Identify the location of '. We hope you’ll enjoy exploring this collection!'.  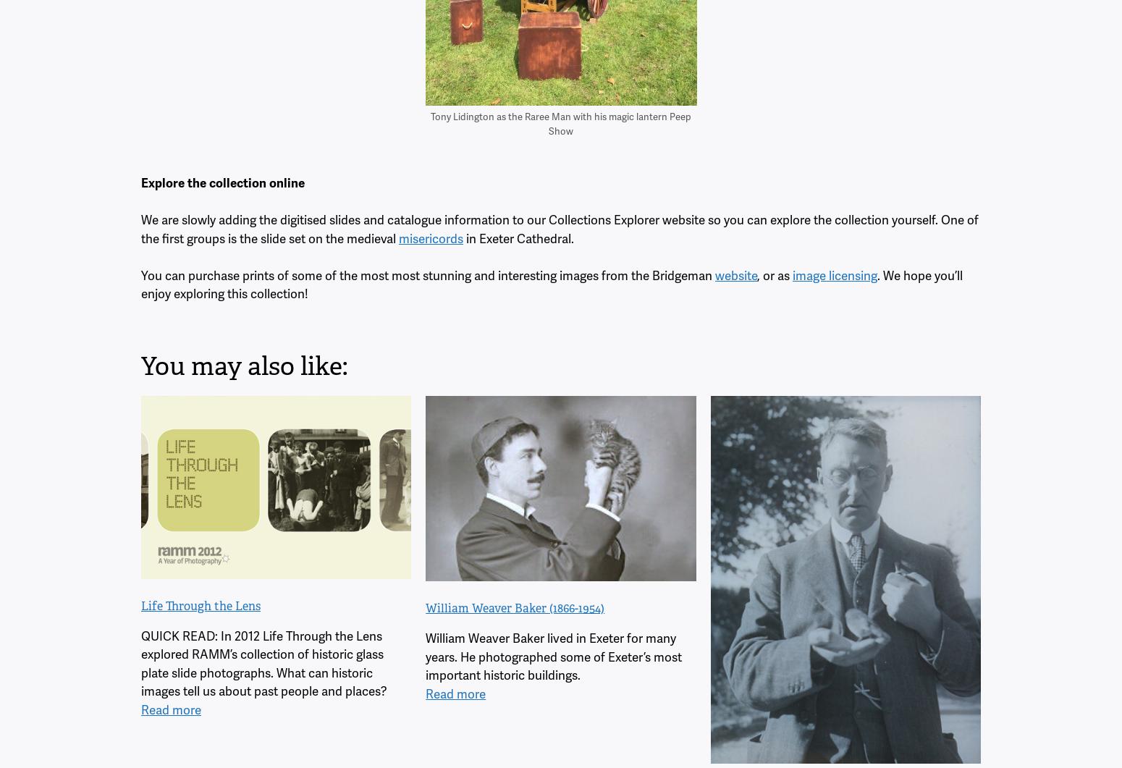
(552, 284).